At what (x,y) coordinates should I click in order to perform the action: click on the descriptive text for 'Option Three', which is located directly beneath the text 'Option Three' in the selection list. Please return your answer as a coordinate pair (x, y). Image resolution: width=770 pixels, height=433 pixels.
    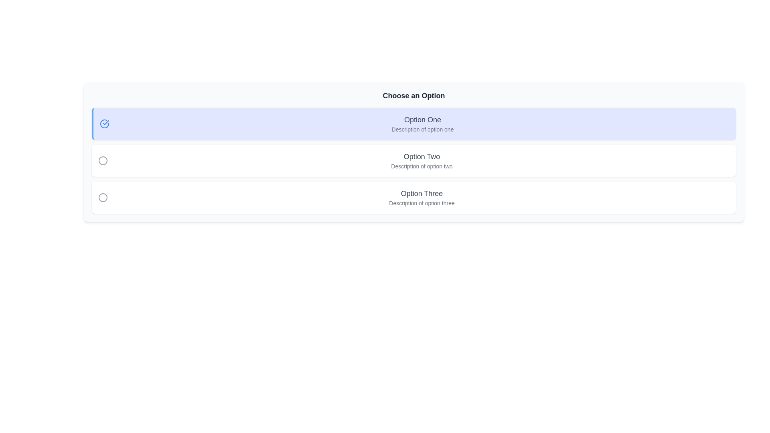
    Looking at the image, I should click on (421, 202).